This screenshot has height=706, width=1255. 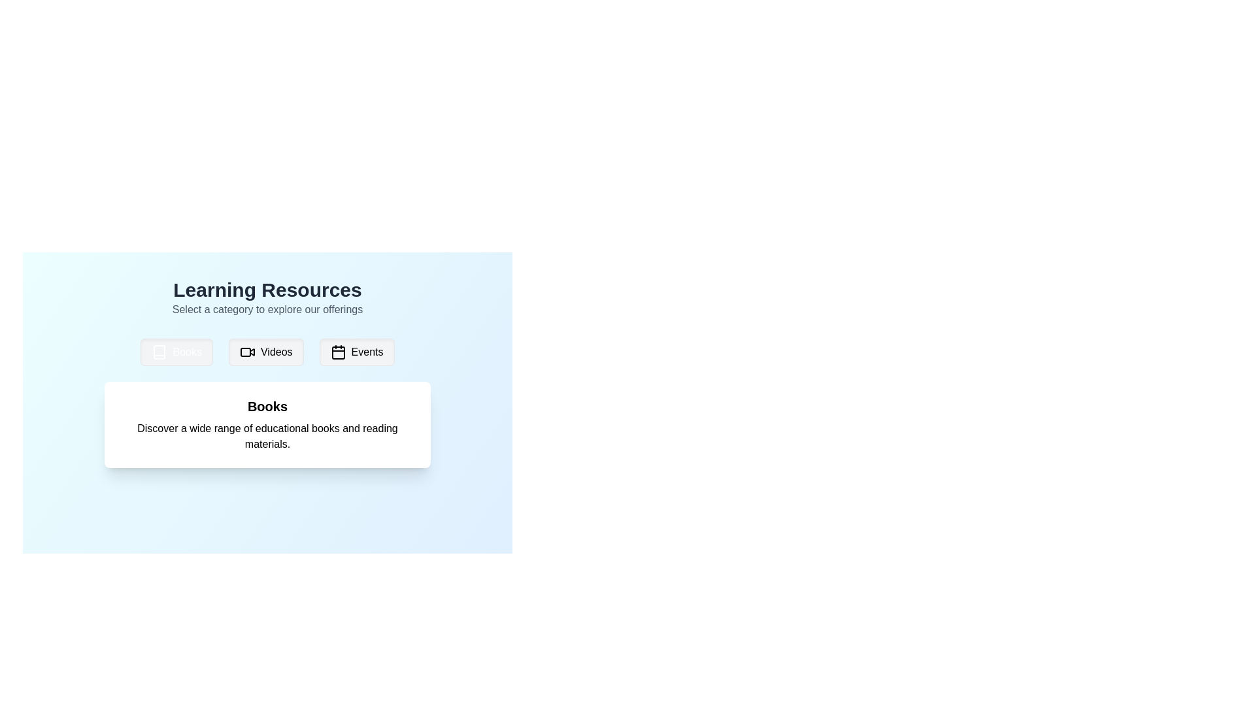 What do you see at coordinates (267, 352) in the screenshot?
I see `the middle button below the 'Learning Resources' section` at bounding box center [267, 352].